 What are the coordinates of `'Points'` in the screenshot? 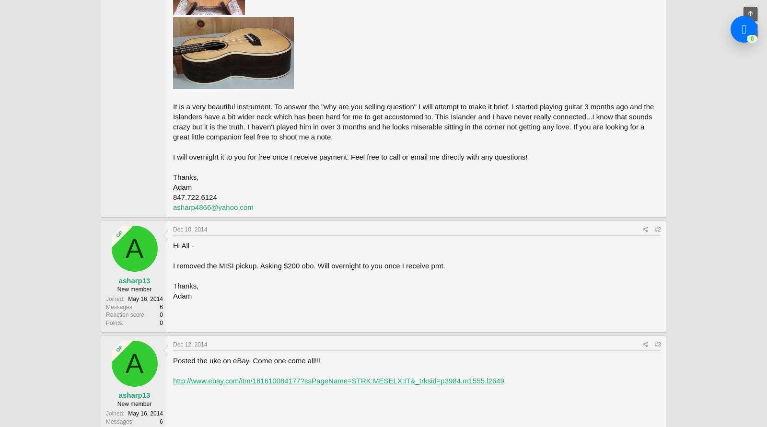 It's located at (114, 323).